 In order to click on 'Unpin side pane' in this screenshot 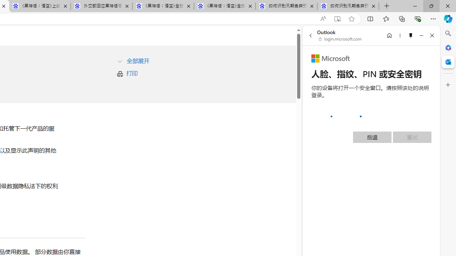, I will do `click(411, 35)`.